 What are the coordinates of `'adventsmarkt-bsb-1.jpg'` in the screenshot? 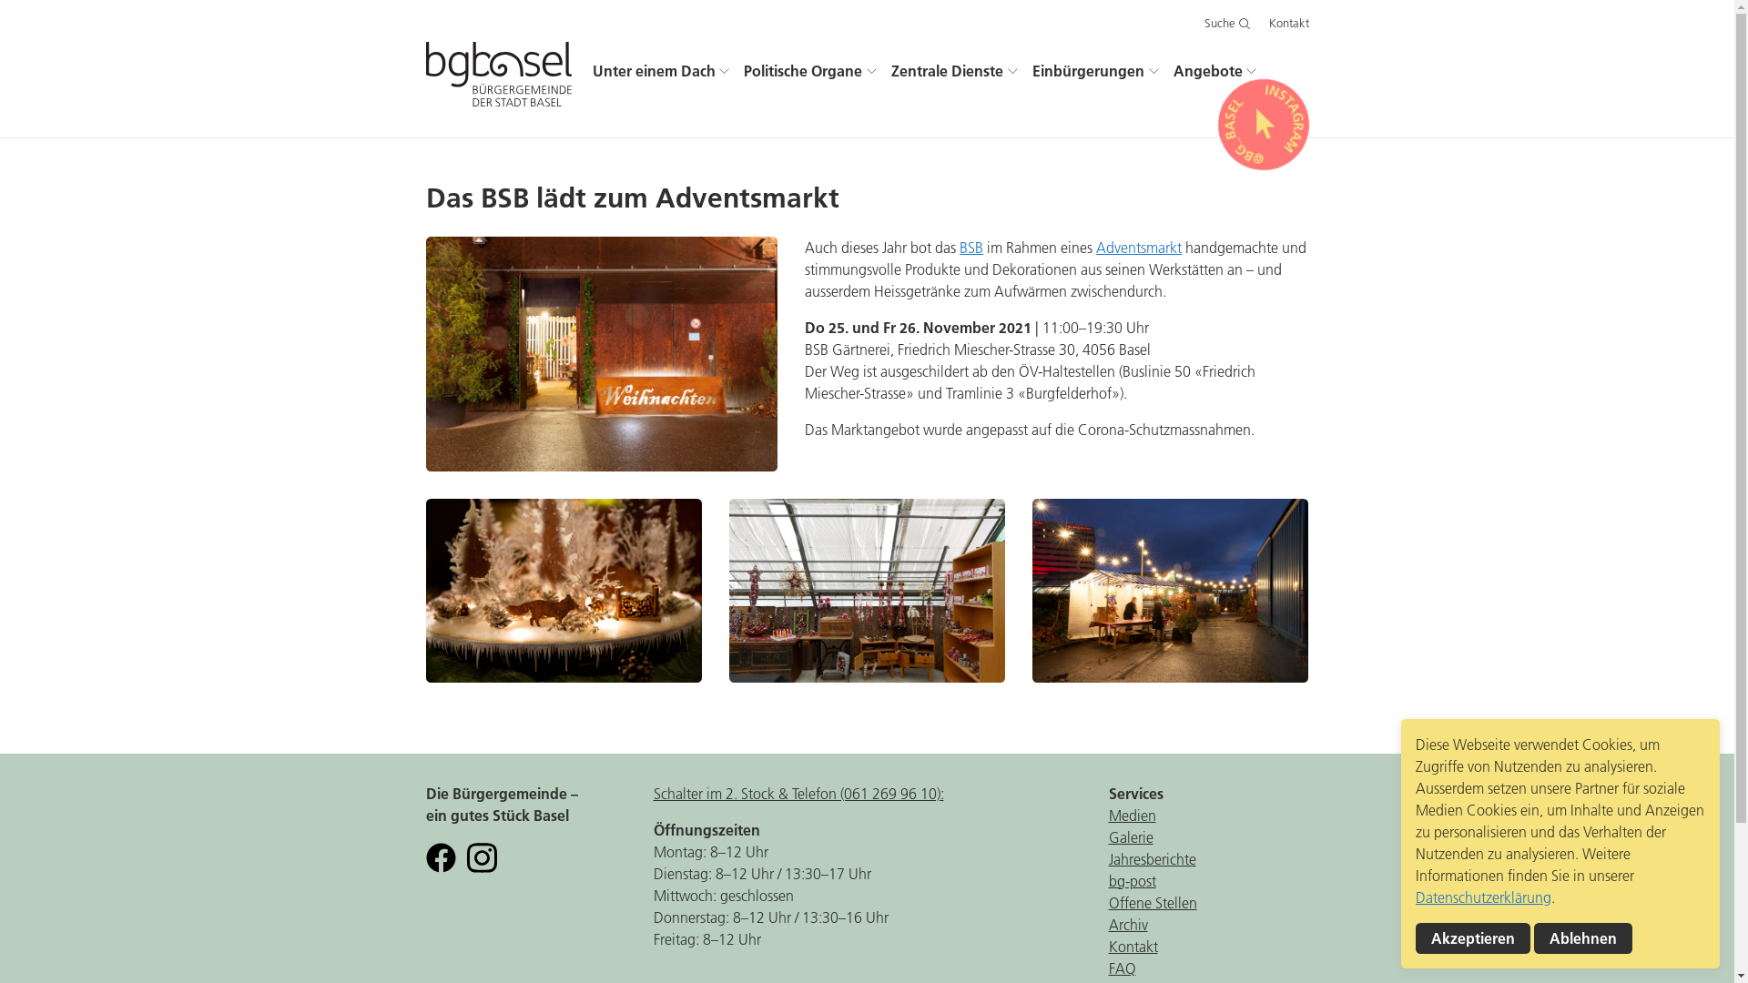 It's located at (563, 590).